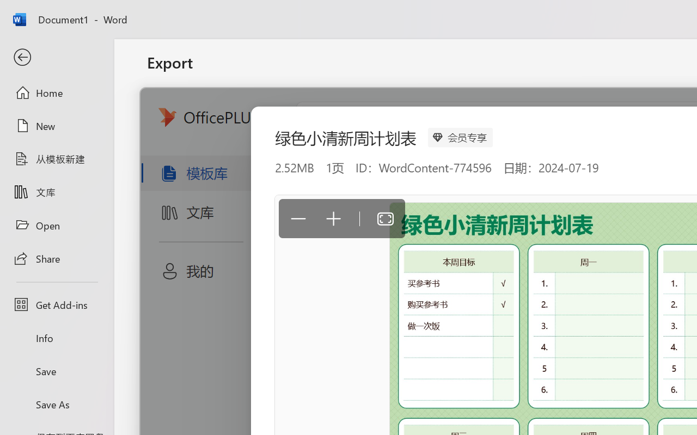 Image resolution: width=697 pixels, height=435 pixels. Describe the element at coordinates (56, 404) in the screenshot. I see `'Save As'` at that location.